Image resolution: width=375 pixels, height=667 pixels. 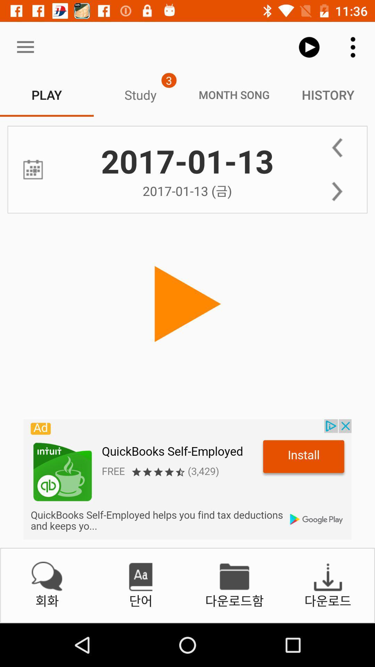 I want to click on colender option, so click(x=33, y=170).